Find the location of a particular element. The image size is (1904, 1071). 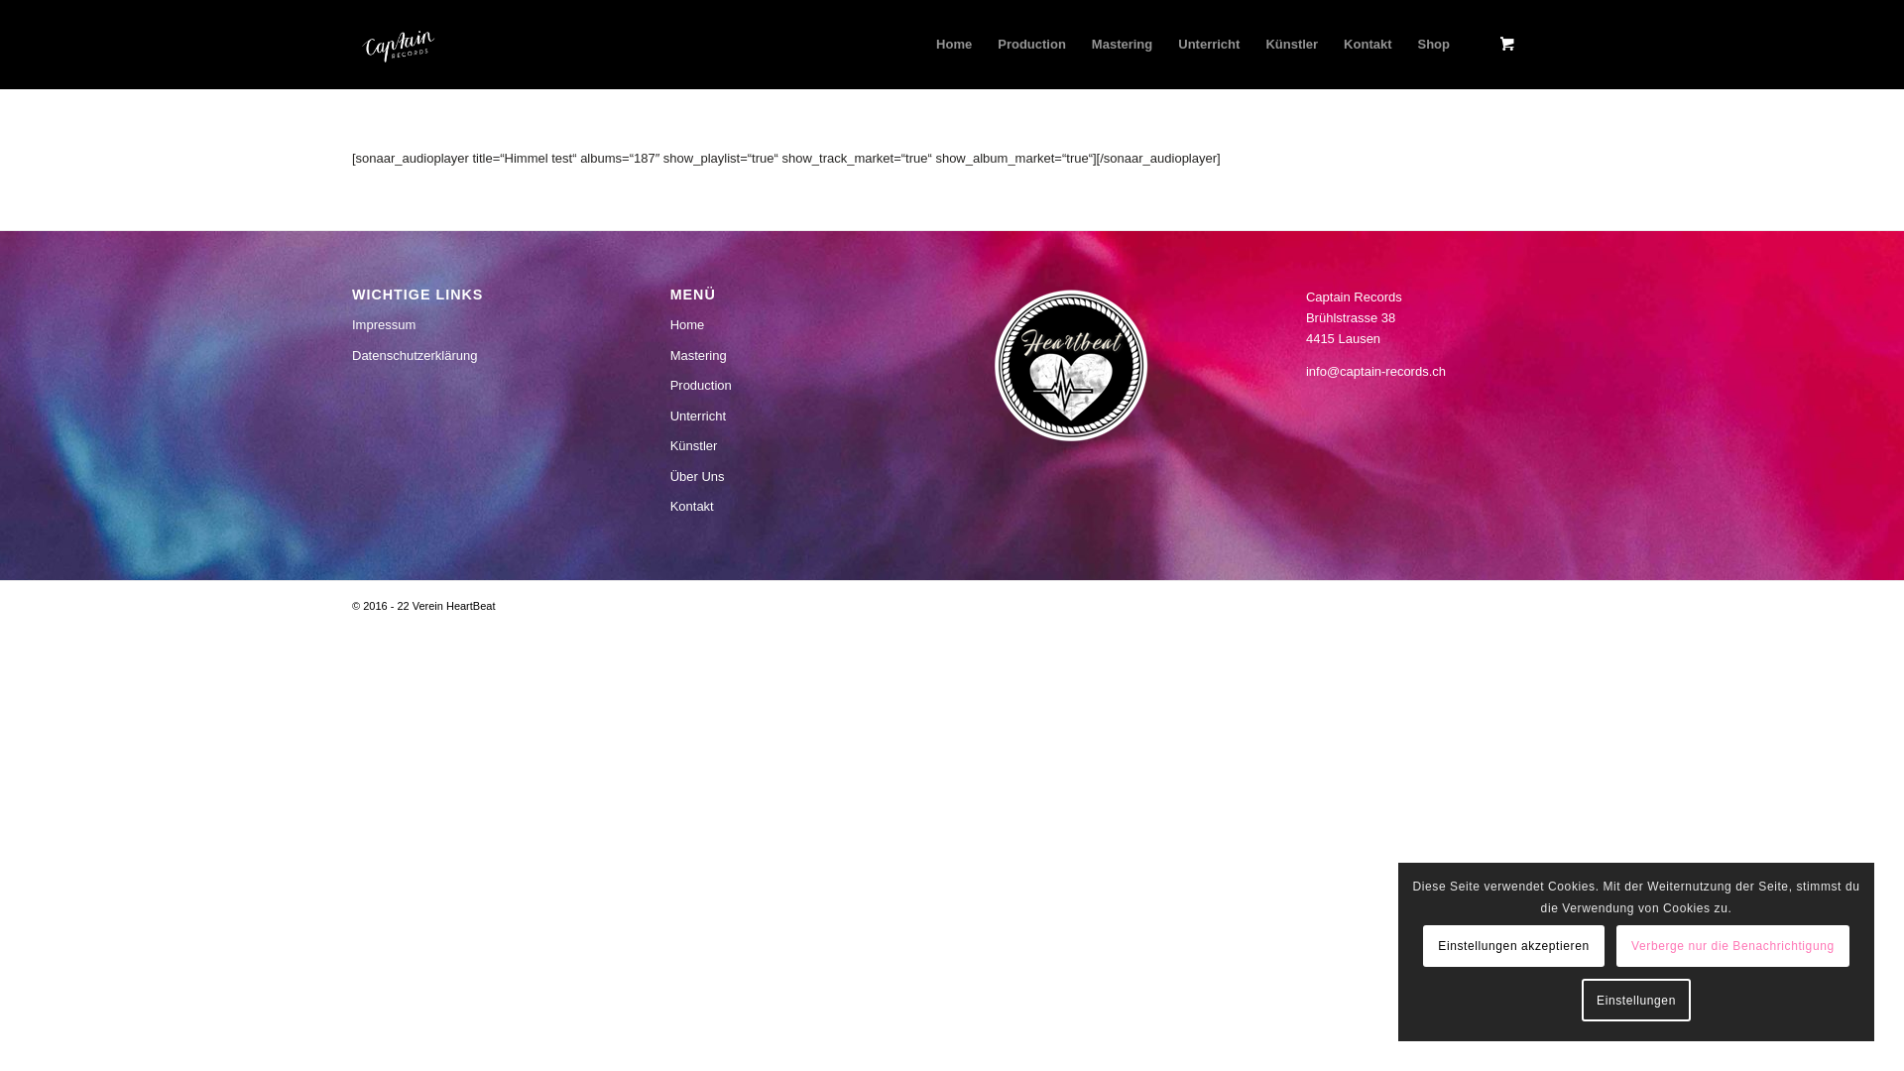

'Verberge nur die Benachrichtigung' is located at coordinates (1731, 944).